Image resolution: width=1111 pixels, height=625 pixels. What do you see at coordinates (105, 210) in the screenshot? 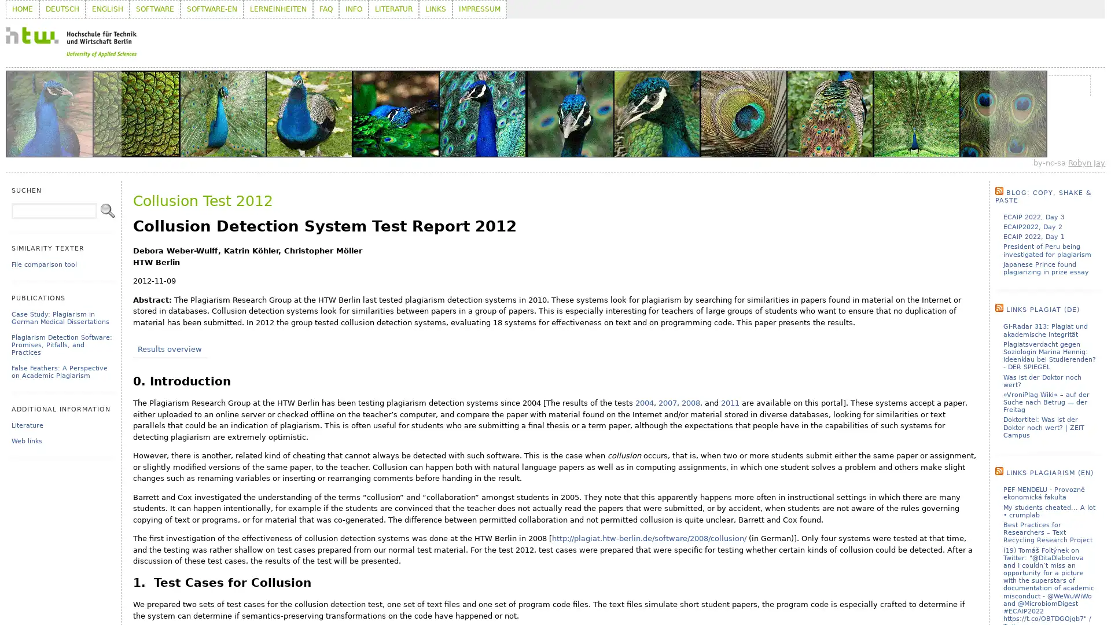
I see `Search` at bounding box center [105, 210].